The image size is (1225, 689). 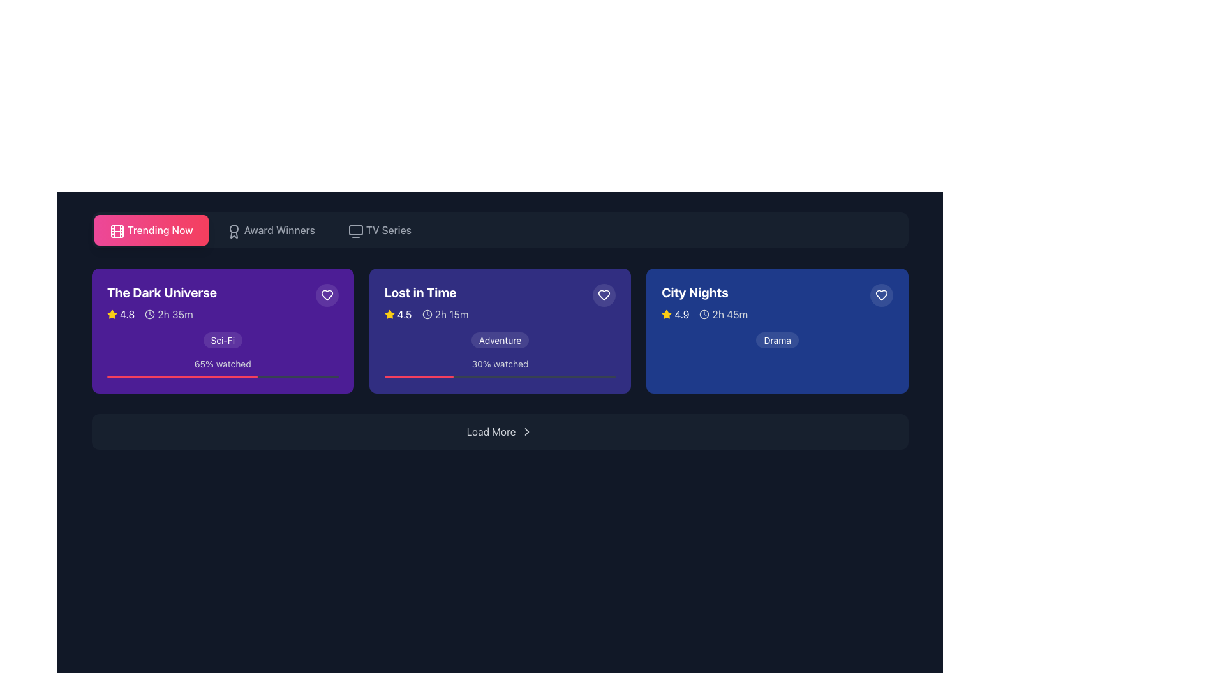 I want to click on the clock icon, which is a minimalist circular outline with clock hands, located to the left of the text displaying '2h 45m' in the 'City Nights' card, so click(x=704, y=315).